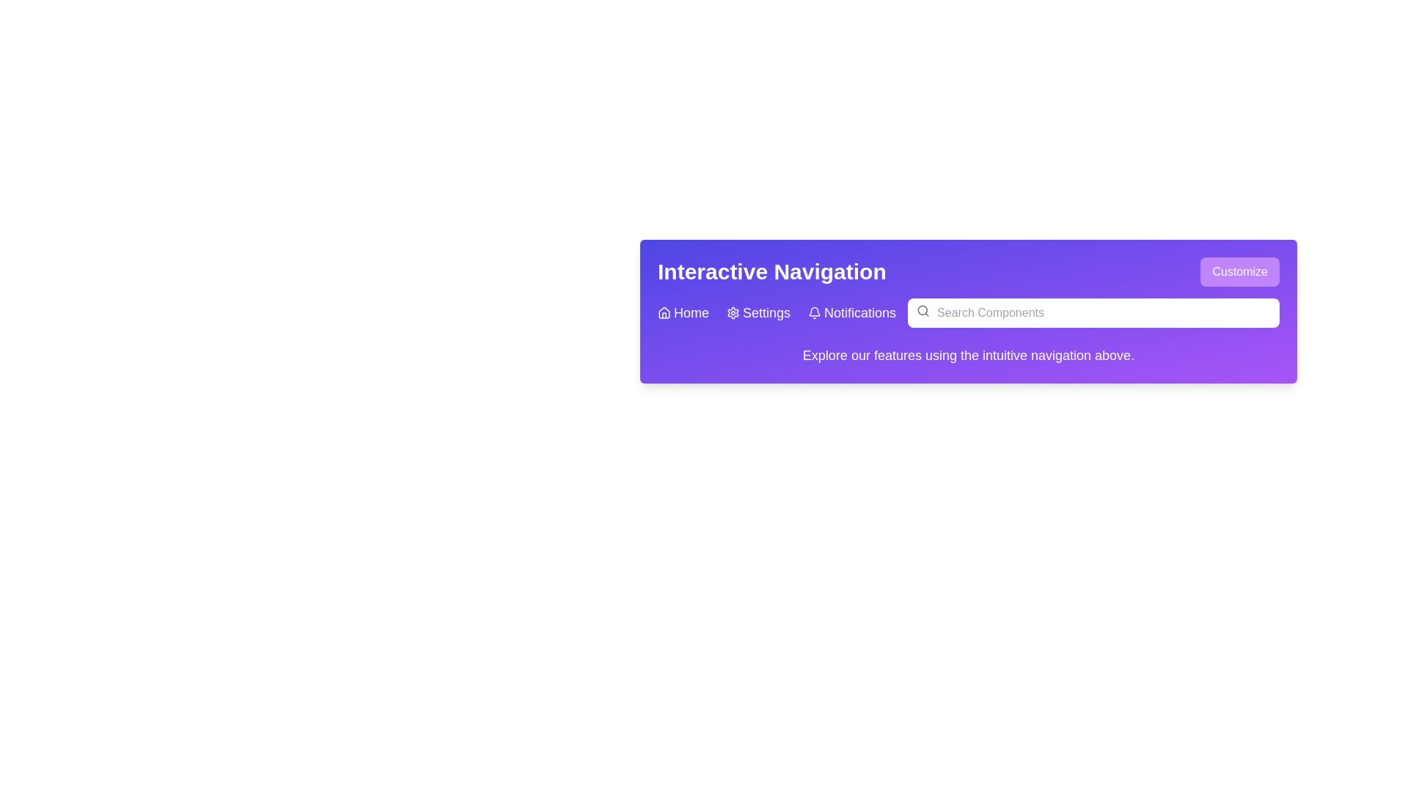 This screenshot has width=1408, height=792. What do you see at coordinates (733, 312) in the screenshot?
I see `the settings icon located centrally on the top bar of the interface` at bounding box center [733, 312].